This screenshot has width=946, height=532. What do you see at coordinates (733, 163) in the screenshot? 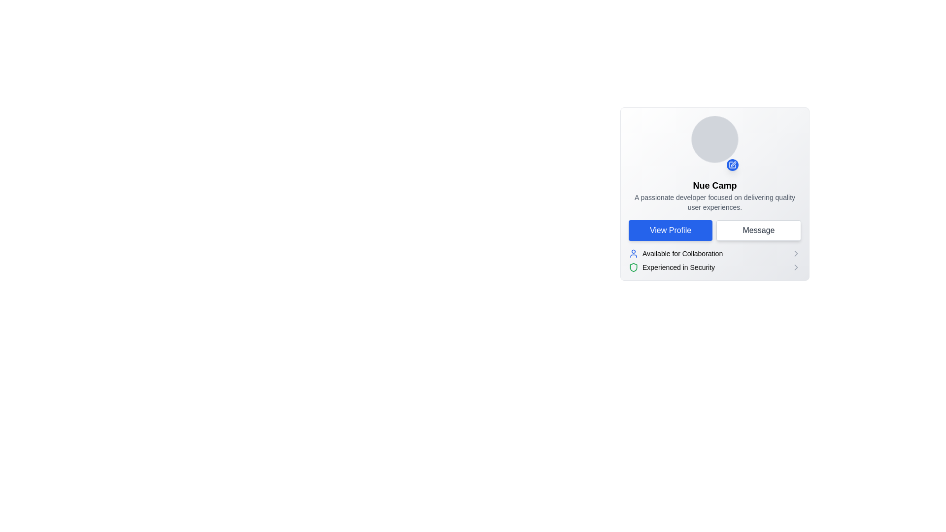
I see `the pen icon located in the top-right corner of the profile image, which features a minimalist design within a square outline` at bounding box center [733, 163].